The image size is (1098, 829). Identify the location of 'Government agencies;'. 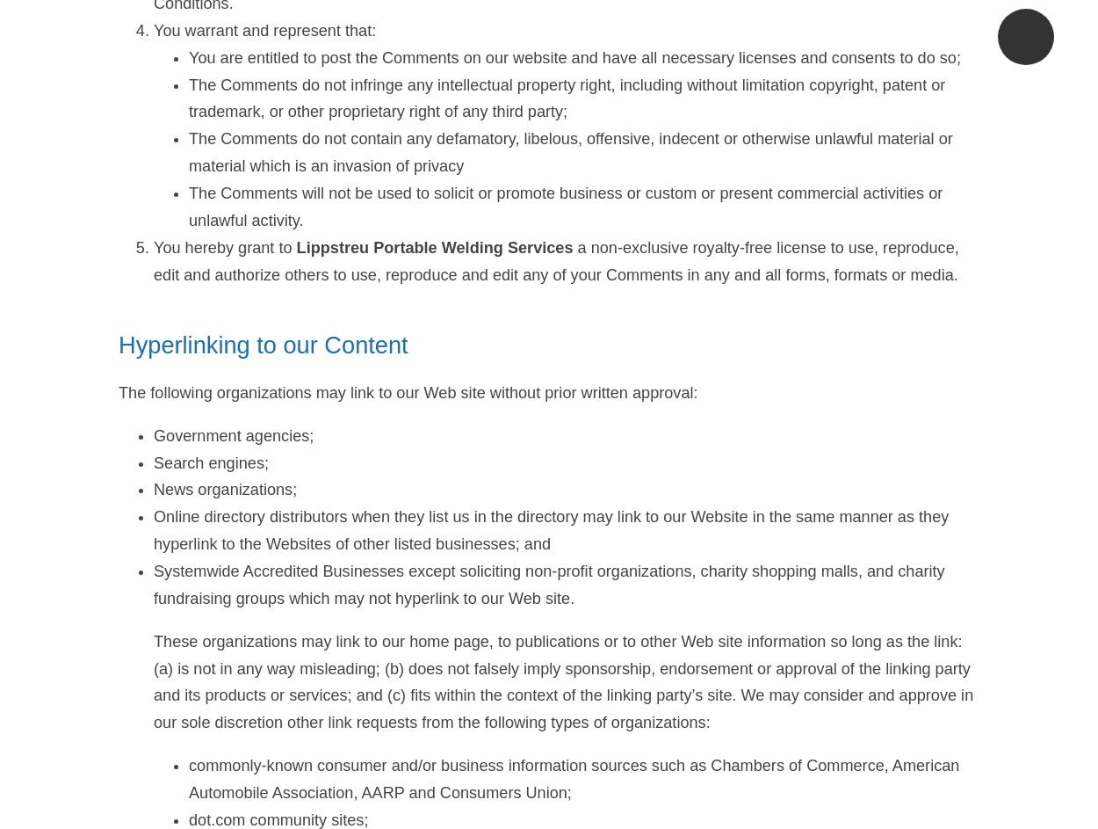
(154, 433).